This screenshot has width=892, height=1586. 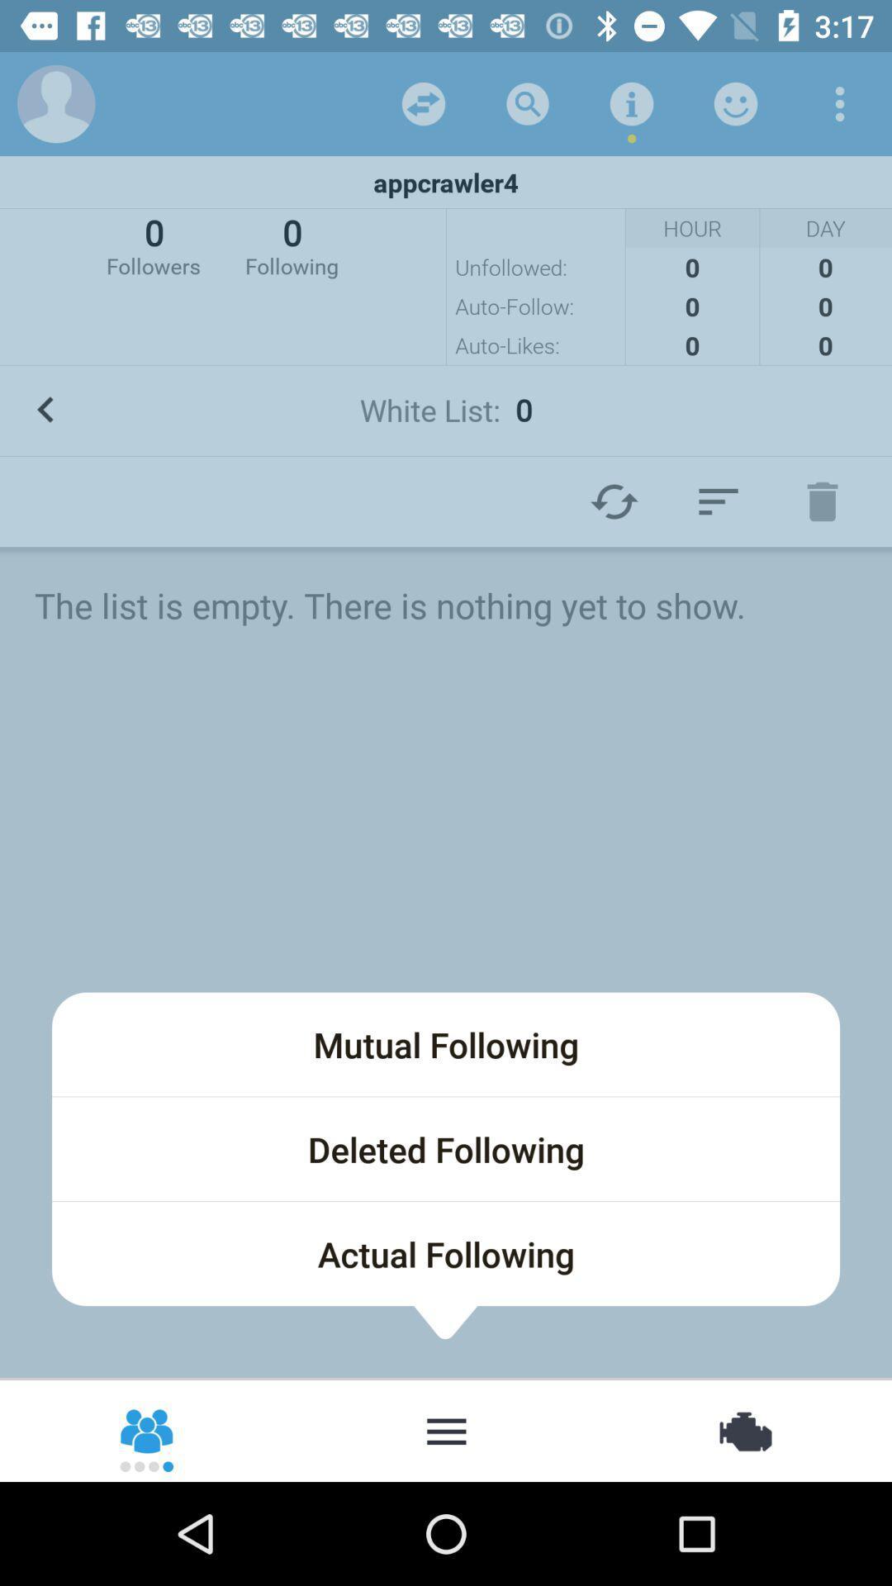 What do you see at coordinates (55, 102) in the screenshot?
I see `open user profile tab` at bounding box center [55, 102].